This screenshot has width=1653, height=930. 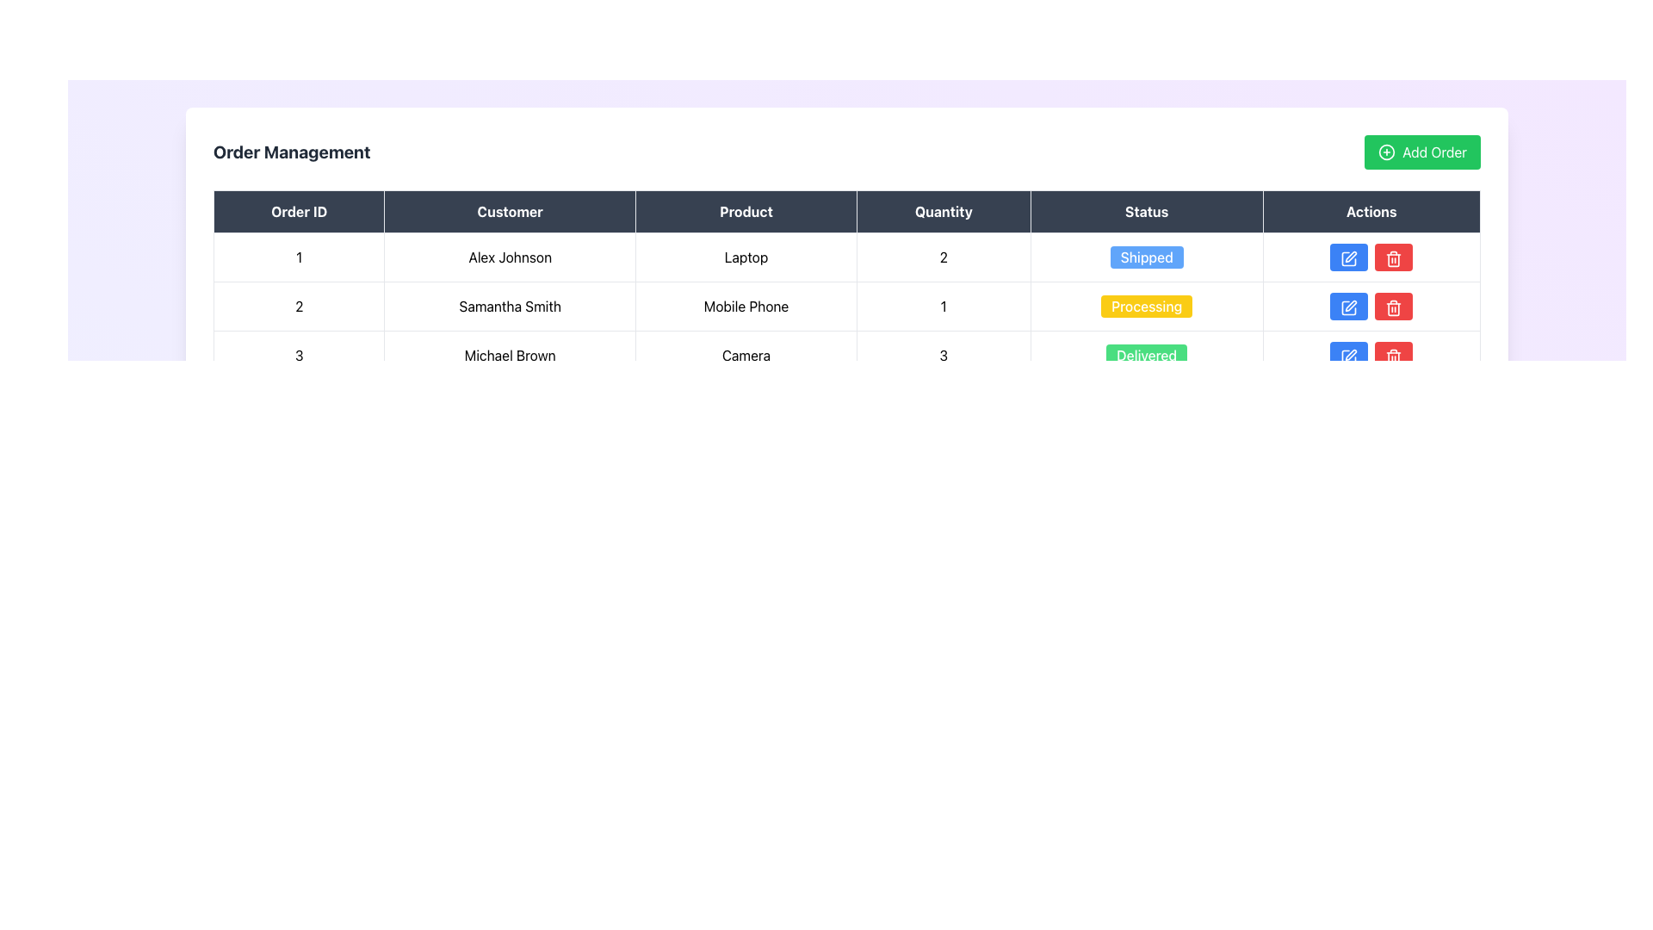 What do you see at coordinates (1147, 211) in the screenshot?
I see `the 'Status' column header cell in the table, which is the fifth column following 'Order ID', 'Customer', 'Product', and 'Quantity'` at bounding box center [1147, 211].